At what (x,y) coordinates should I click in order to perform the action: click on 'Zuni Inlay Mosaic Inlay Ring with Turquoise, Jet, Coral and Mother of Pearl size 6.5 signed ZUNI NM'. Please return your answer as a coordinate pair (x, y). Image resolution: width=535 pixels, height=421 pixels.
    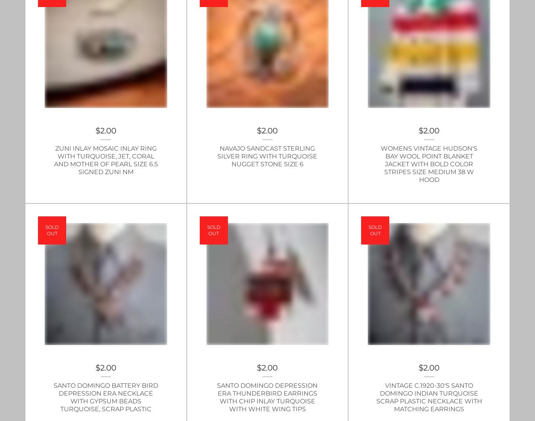
    Looking at the image, I should click on (105, 160).